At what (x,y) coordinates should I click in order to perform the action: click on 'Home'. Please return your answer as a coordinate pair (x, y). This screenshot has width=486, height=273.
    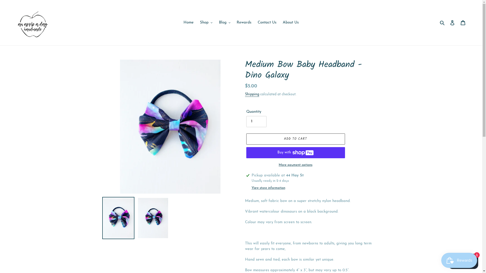
    Looking at the image, I should click on (188, 23).